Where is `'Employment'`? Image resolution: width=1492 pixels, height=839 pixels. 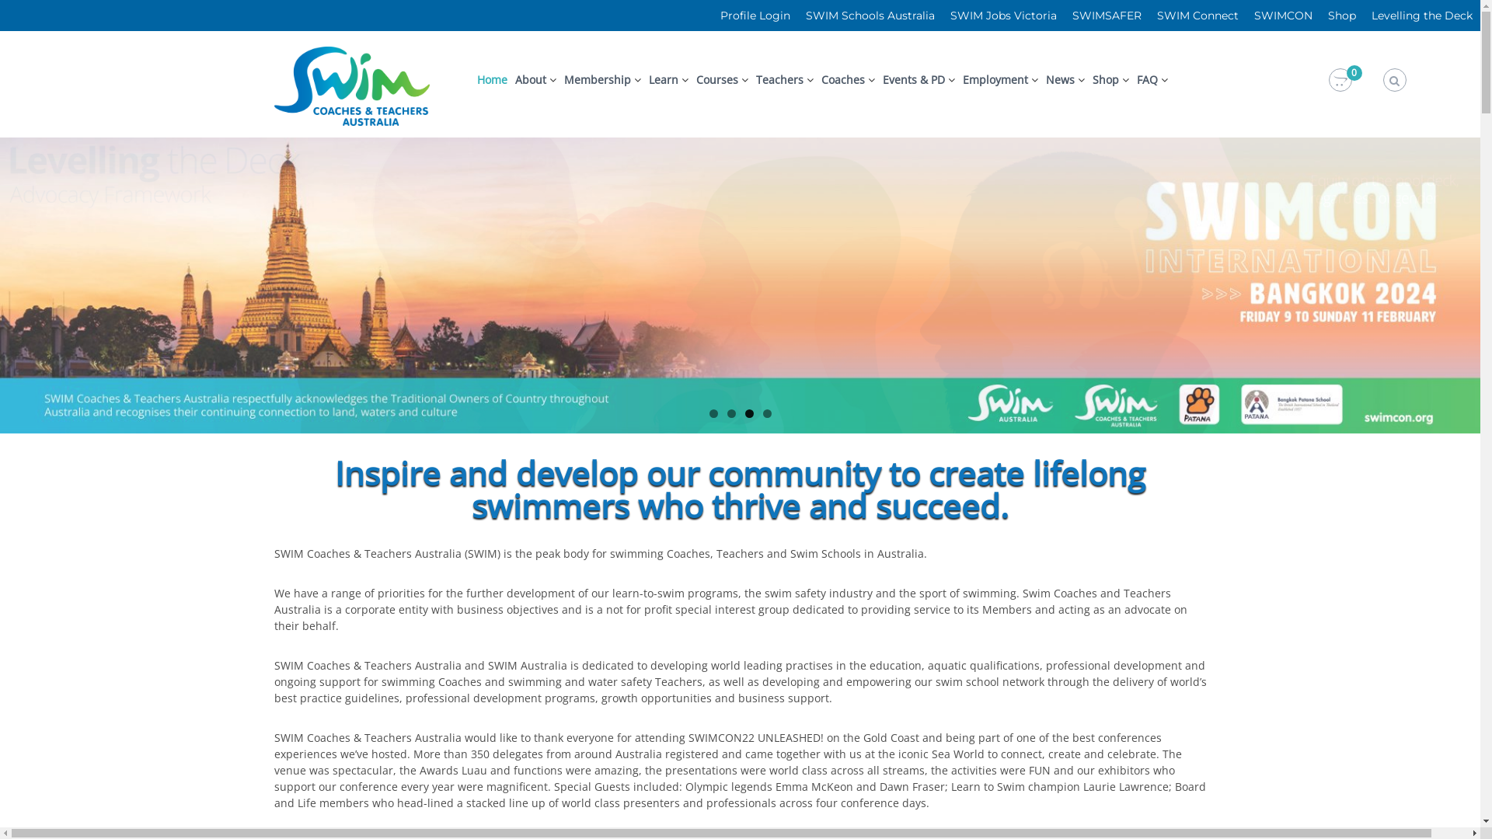 'Employment' is located at coordinates (961, 79).